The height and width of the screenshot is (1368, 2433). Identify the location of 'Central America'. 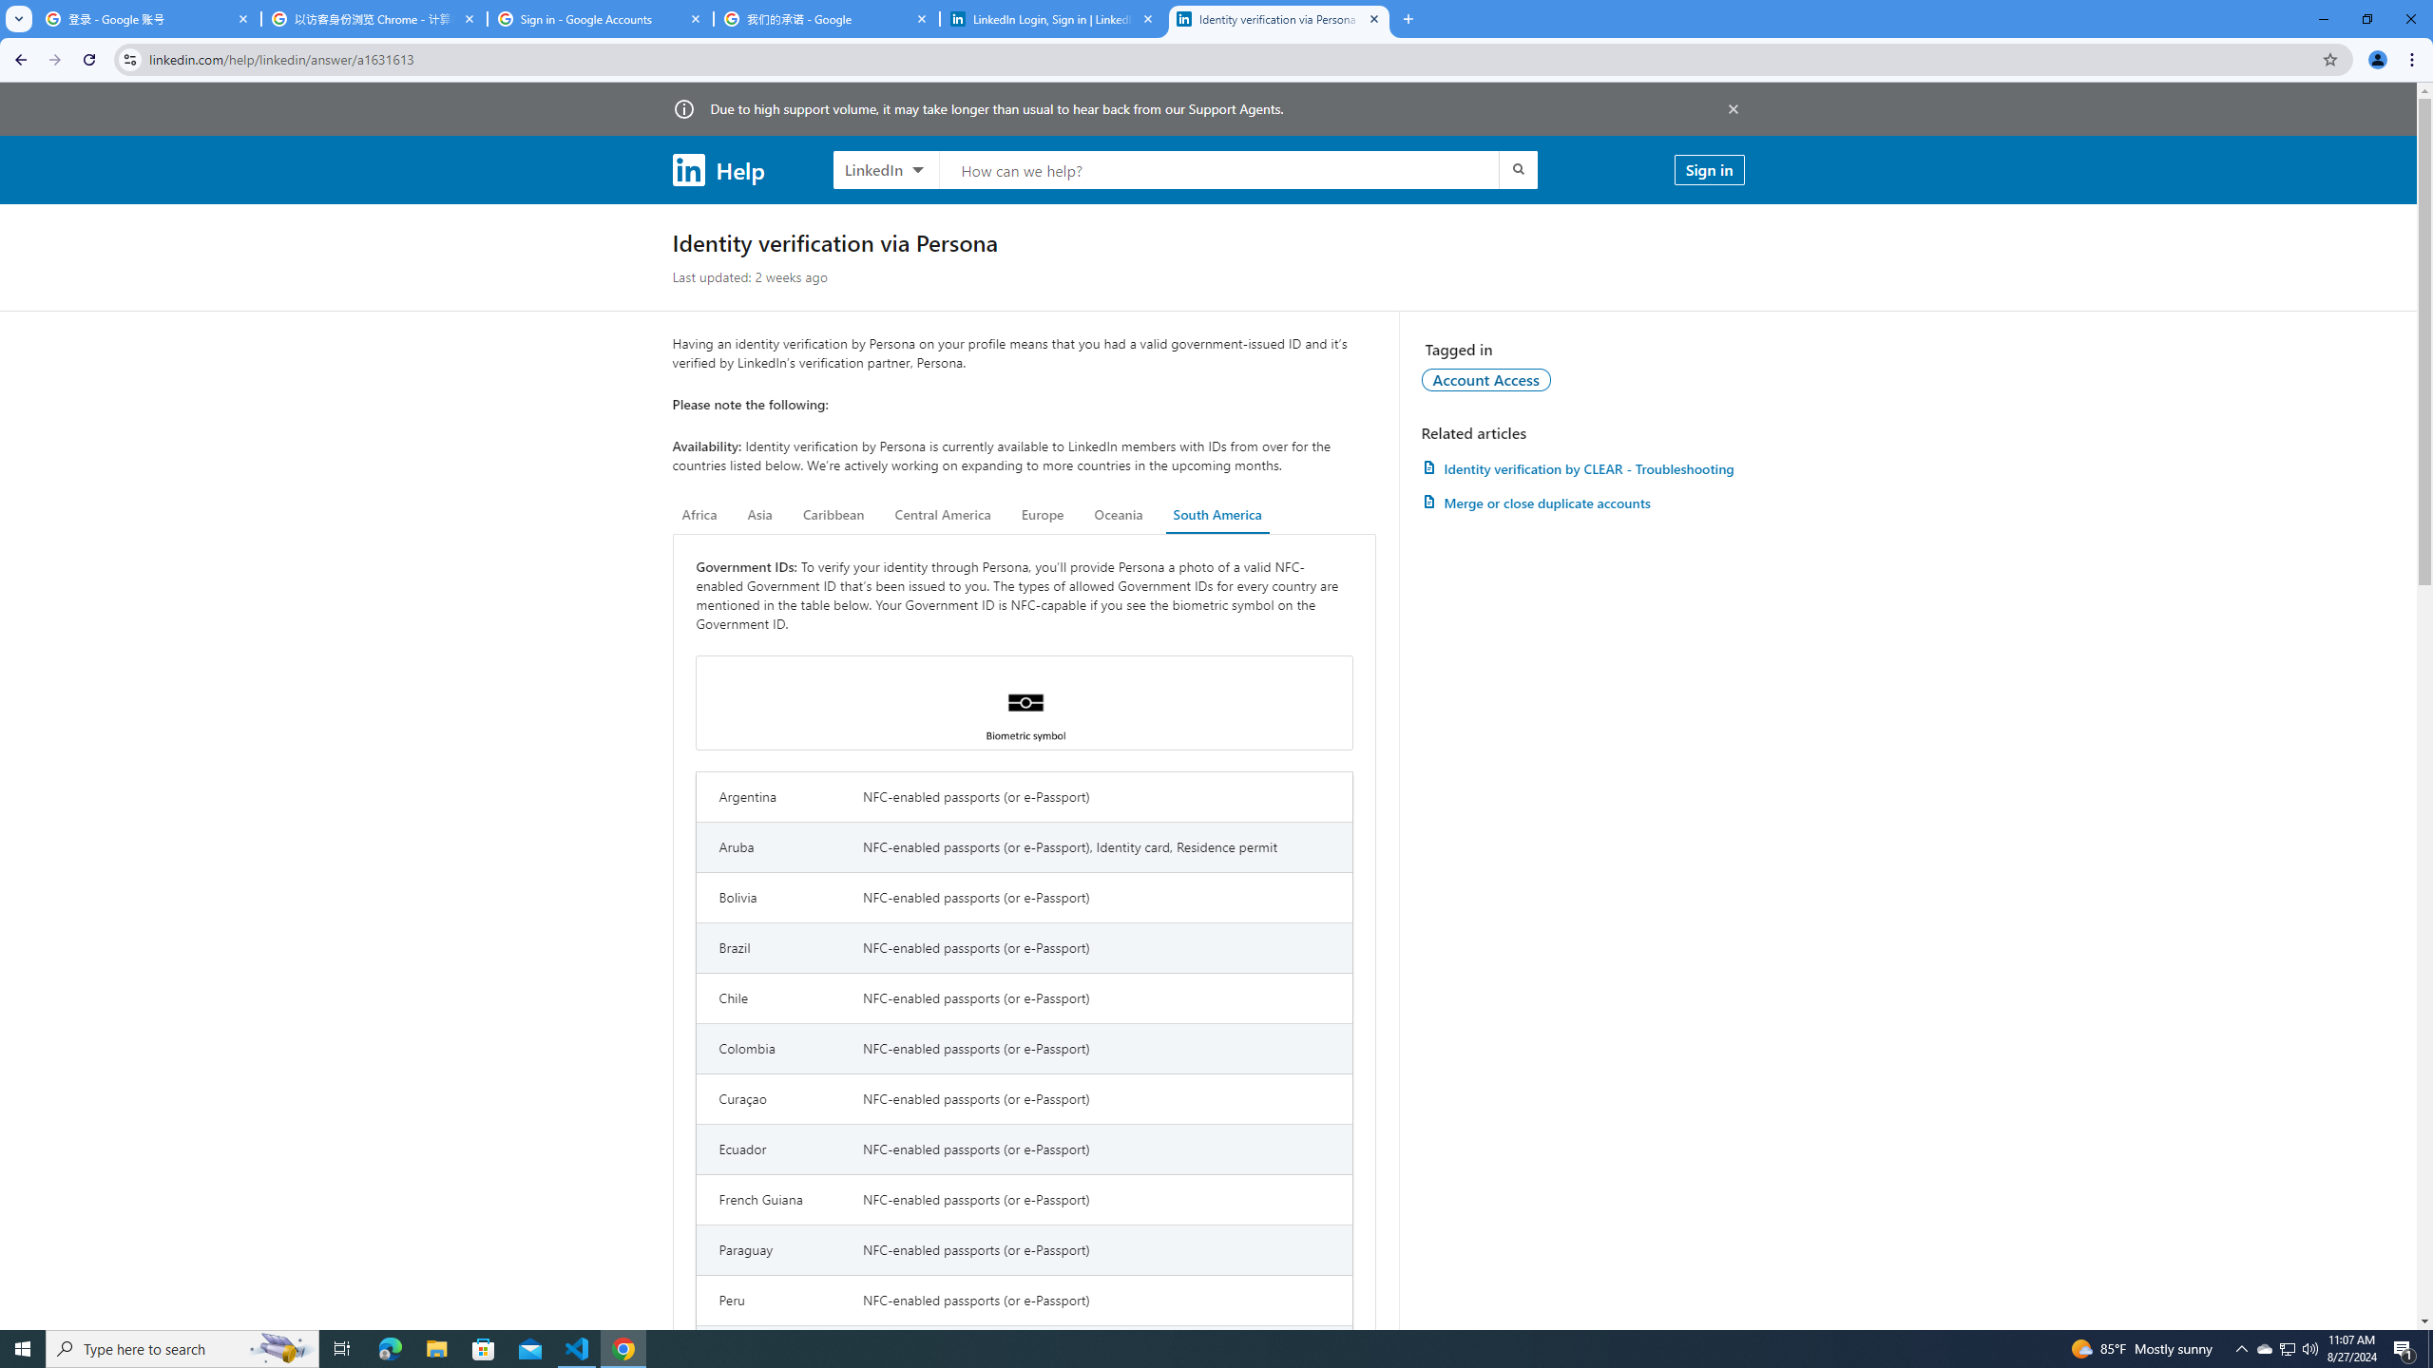
(942, 514).